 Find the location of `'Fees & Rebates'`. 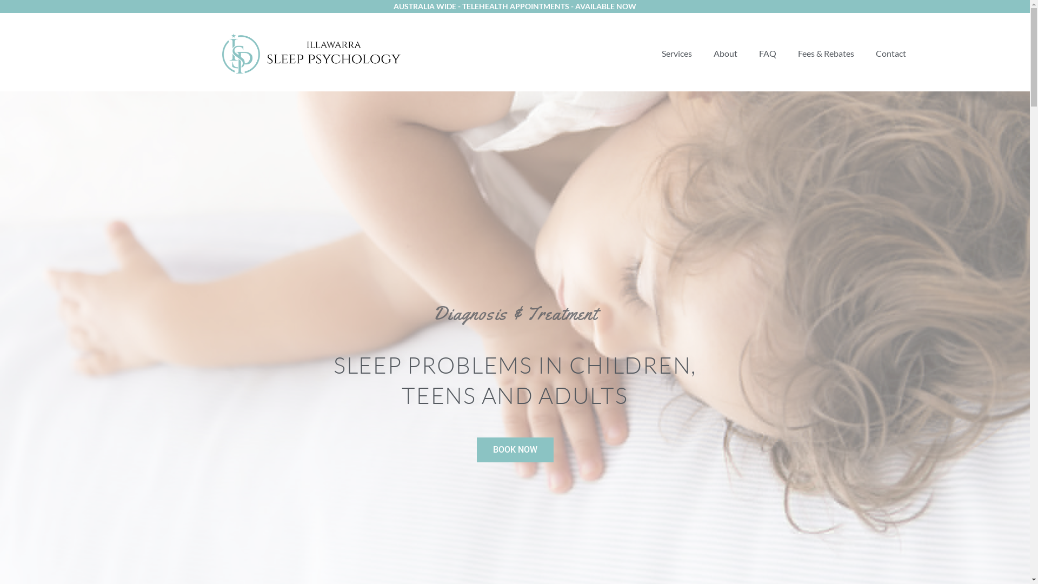

'Fees & Rebates' is located at coordinates (825, 54).